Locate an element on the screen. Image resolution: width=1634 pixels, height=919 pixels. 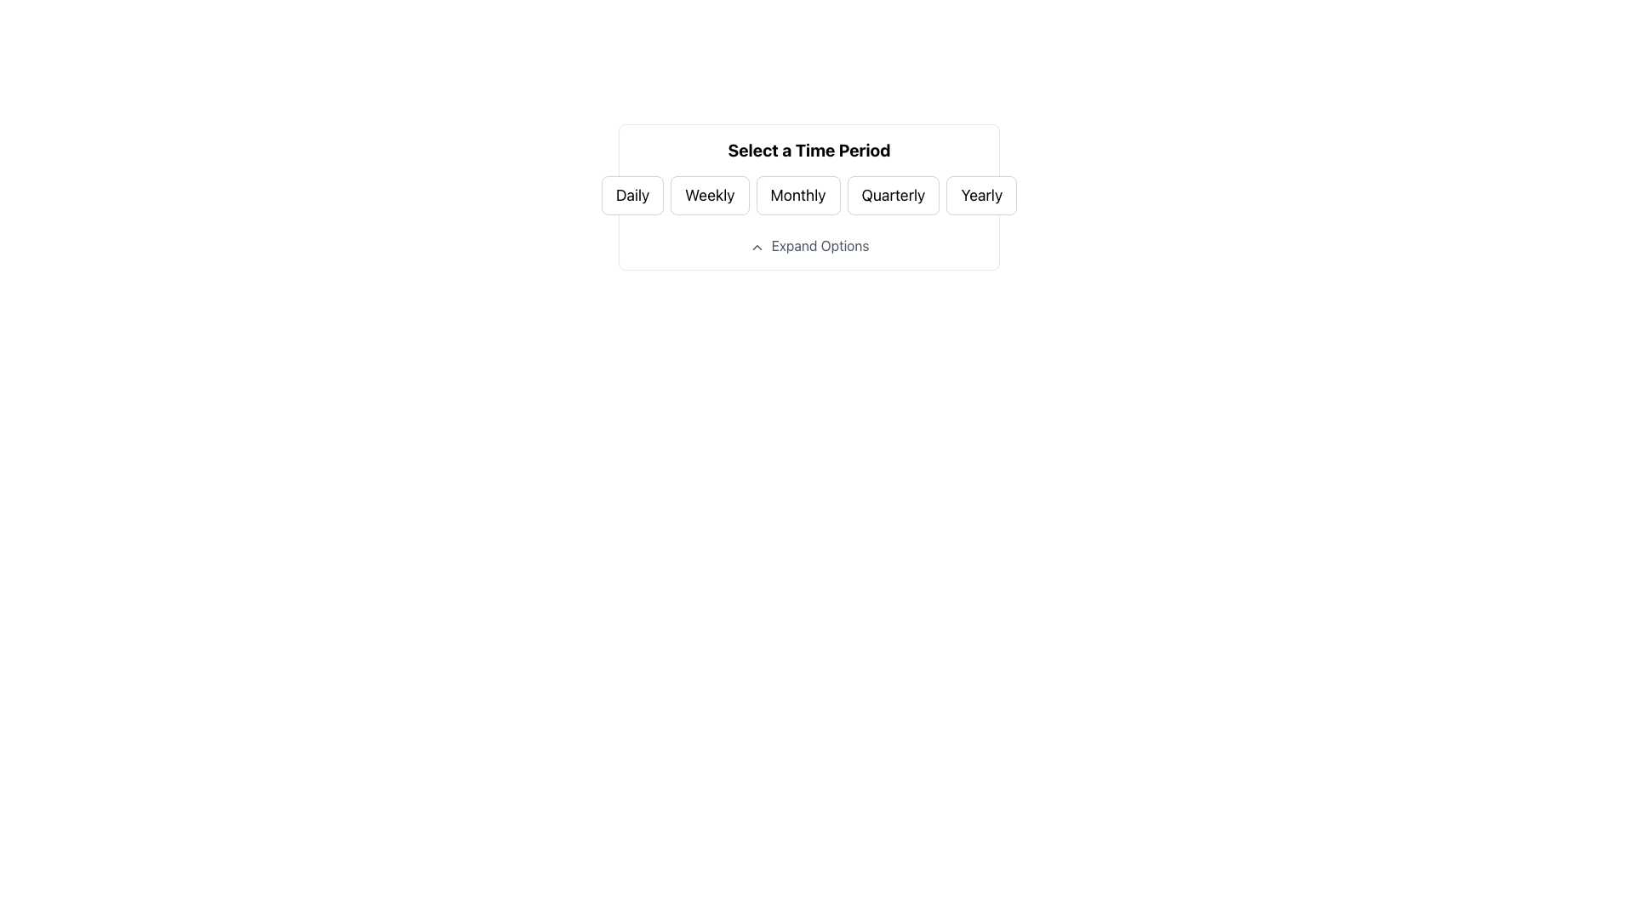
one of the buttons in the Selection Control Group is located at coordinates (808, 177).